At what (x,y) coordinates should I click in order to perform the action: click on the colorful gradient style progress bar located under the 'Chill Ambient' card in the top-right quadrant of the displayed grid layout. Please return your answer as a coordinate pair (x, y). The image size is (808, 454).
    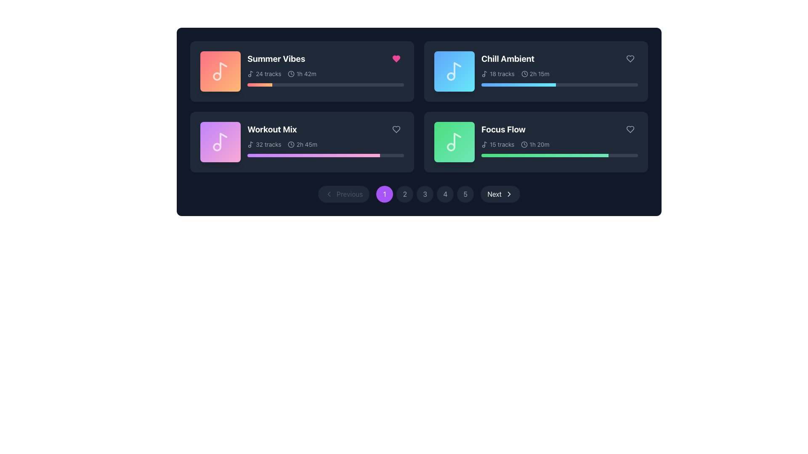
    Looking at the image, I should click on (518, 84).